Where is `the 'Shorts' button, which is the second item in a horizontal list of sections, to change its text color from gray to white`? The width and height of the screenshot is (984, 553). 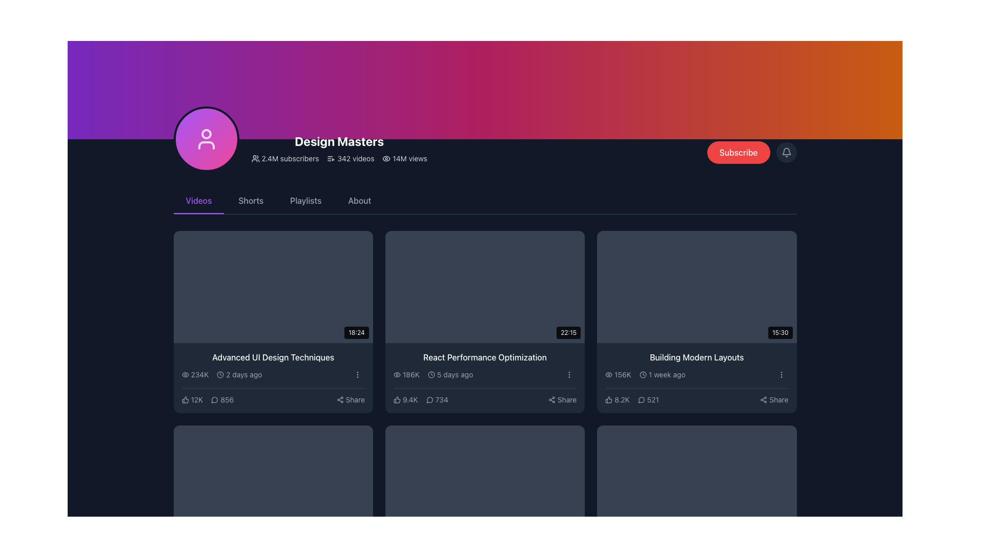
the 'Shorts' button, which is the second item in a horizontal list of sections, to change its text color from gray to white is located at coordinates (251, 201).